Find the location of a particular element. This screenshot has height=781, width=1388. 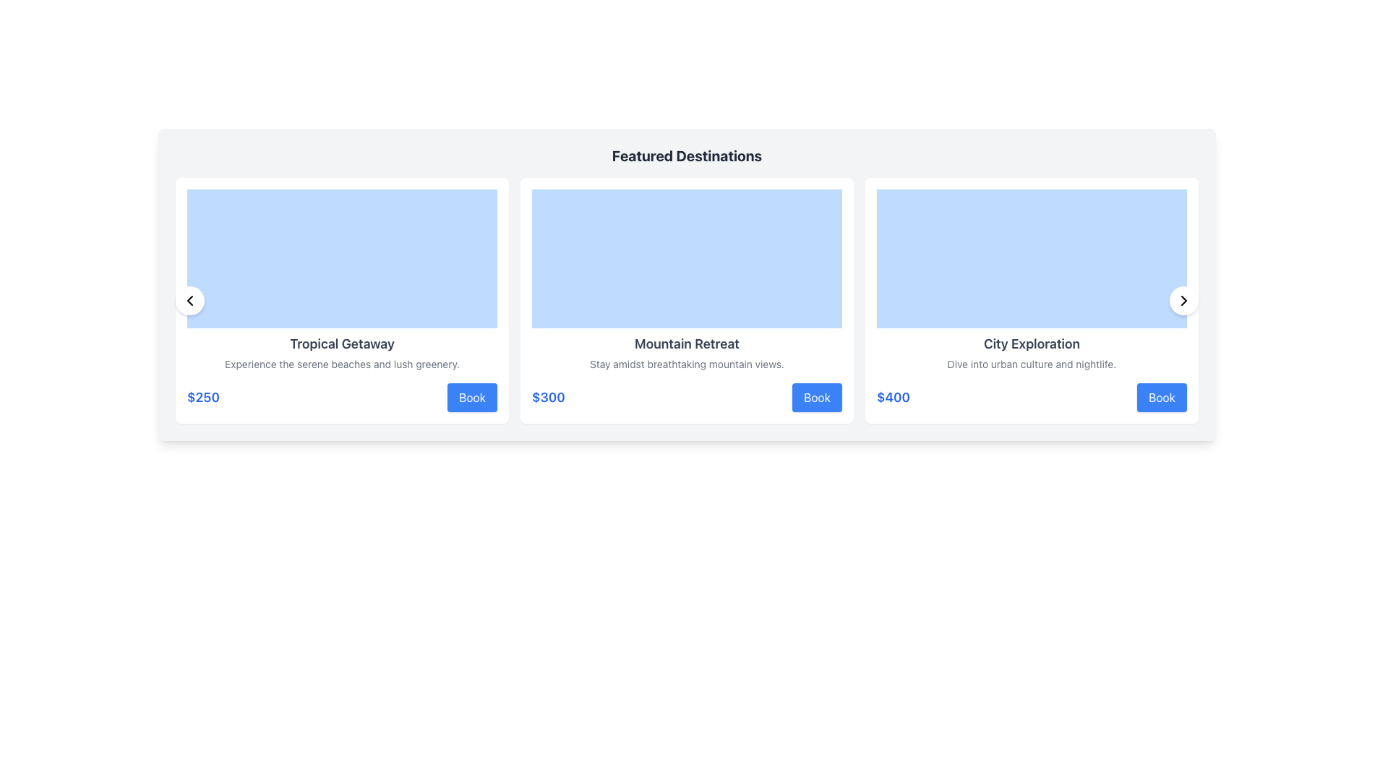

the text displaying the price '$300', which is styled in a large, bold, blue font and is positioned below the 'Mountain Retreat' description and to the left of the 'Book' button in the Featured Destinations section is located at coordinates (547, 398).